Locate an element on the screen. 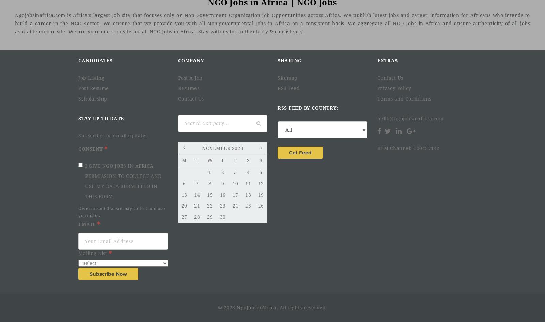 Image resolution: width=545 pixels, height=322 pixels. 'November 2023' is located at coordinates (222, 148).